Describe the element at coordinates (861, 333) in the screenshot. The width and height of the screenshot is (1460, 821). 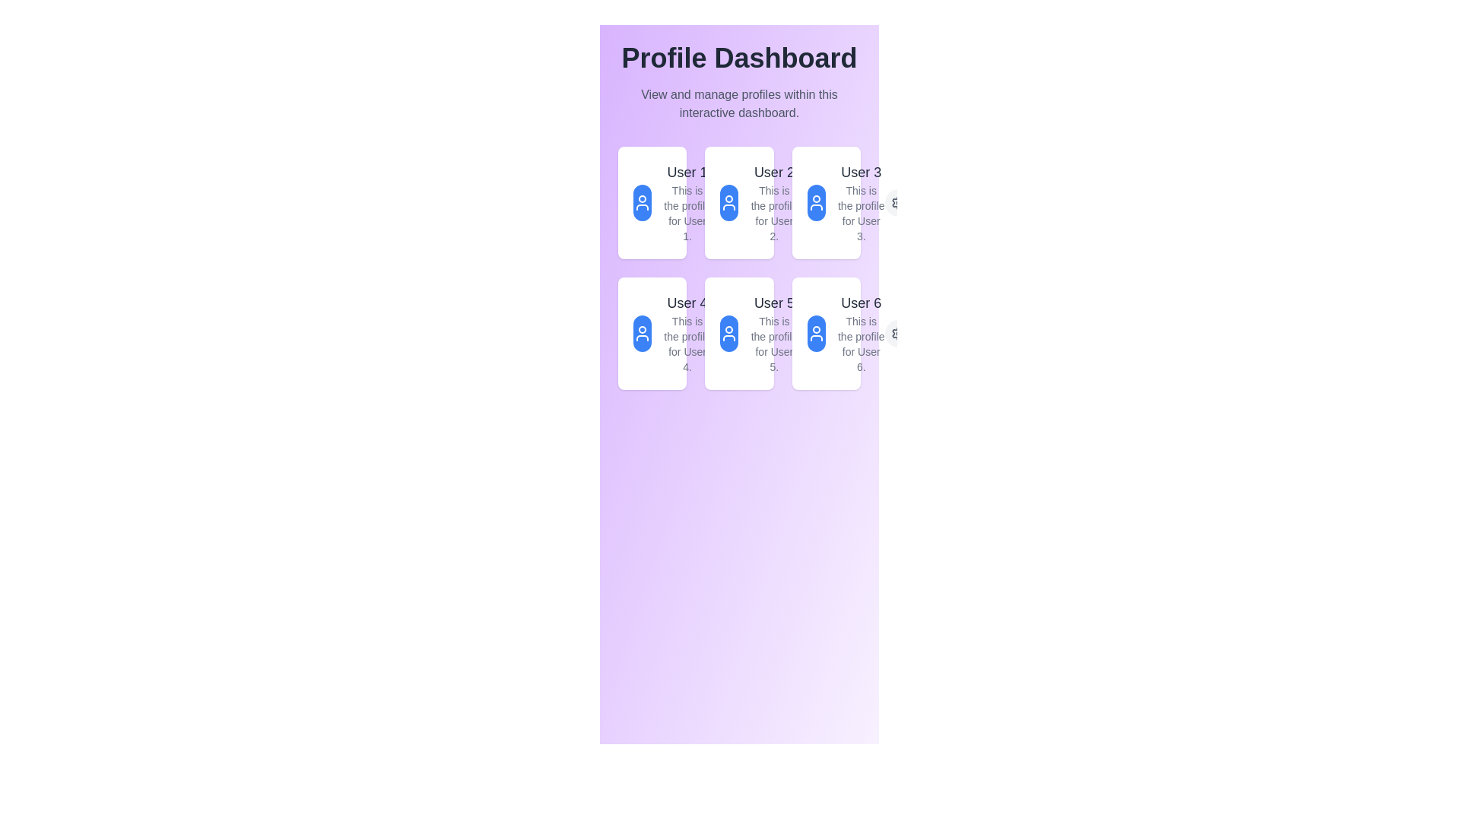
I see `text content of the user profile displaying 'User 6' with the description 'This is the profile for User 6.' located in the sixth slot of a grid layout on the rightmost column and second row` at that location.